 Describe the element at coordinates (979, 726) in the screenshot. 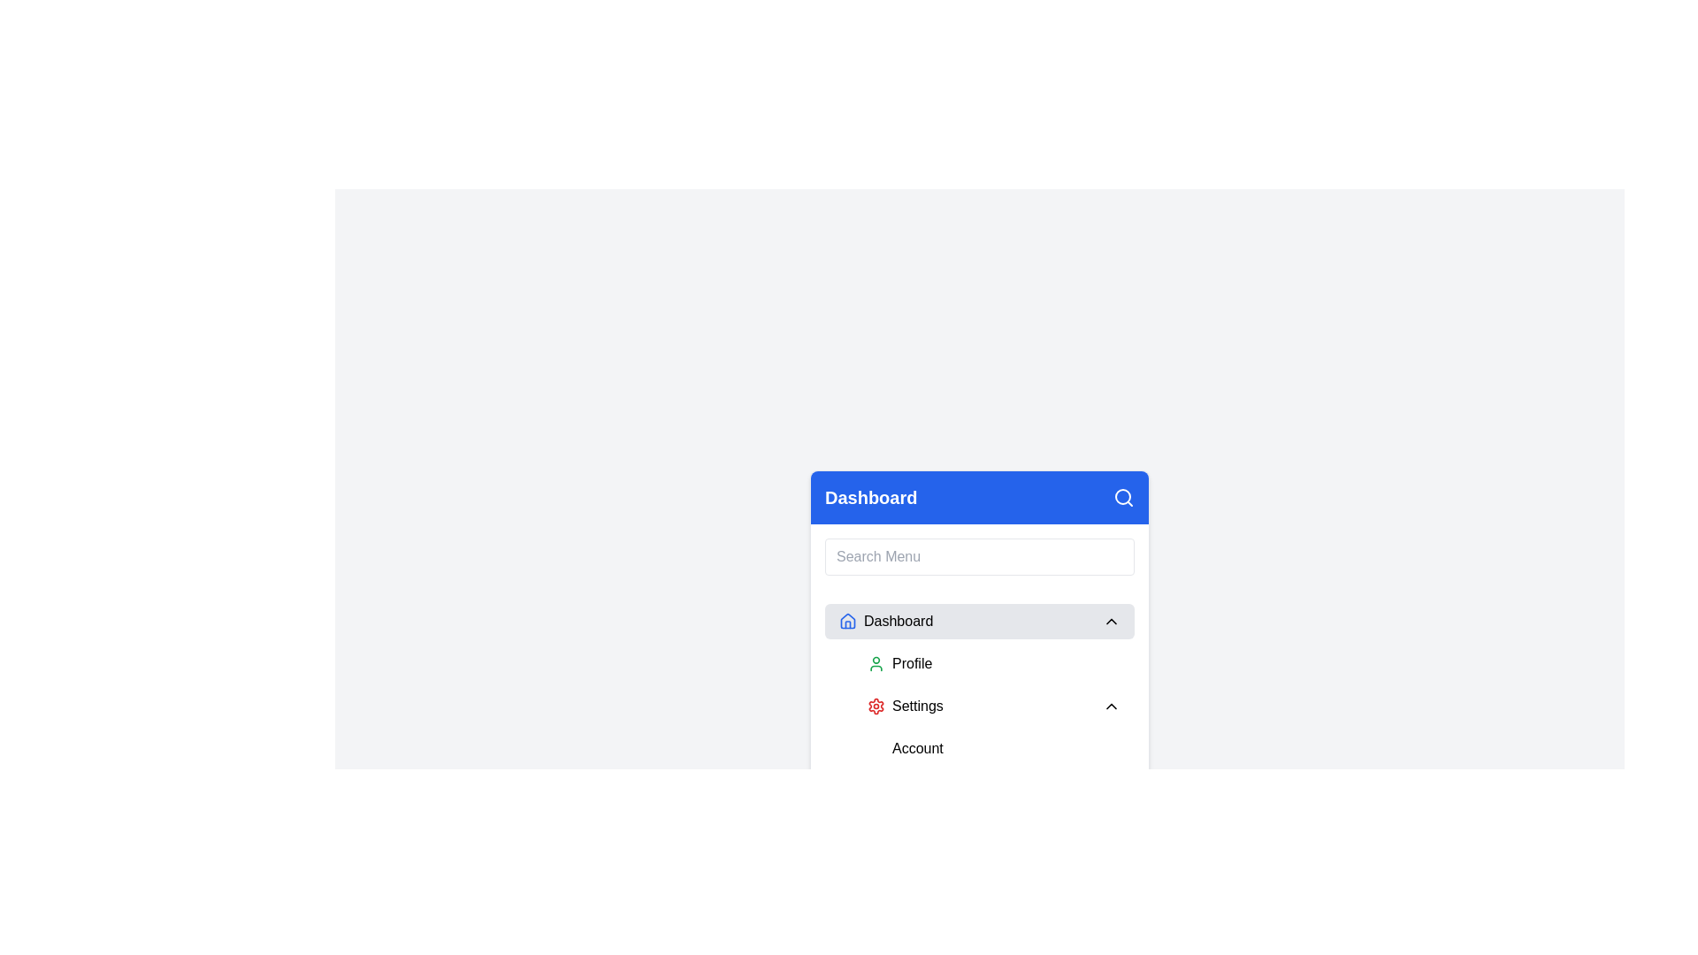

I see `the dropdown menu located centrally within the card interface beneath the title 'Dashboard'` at that location.